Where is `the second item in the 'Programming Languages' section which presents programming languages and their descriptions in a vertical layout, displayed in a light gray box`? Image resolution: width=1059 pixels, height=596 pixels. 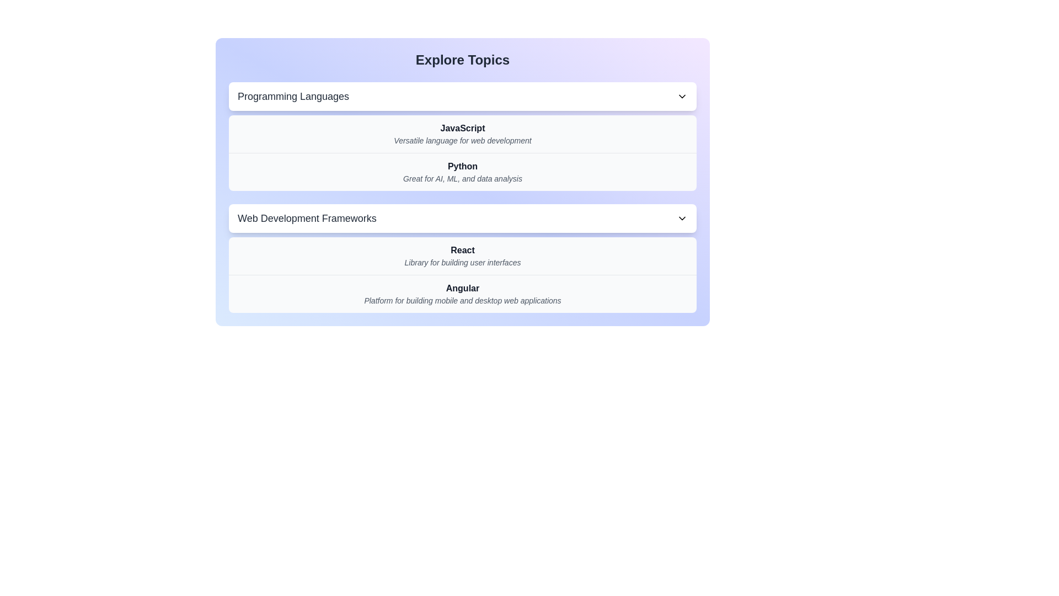 the second item in the 'Programming Languages' section which presents programming languages and their descriptions in a vertical layout, displayed in a light gray box is located at coordinates (463, 153).